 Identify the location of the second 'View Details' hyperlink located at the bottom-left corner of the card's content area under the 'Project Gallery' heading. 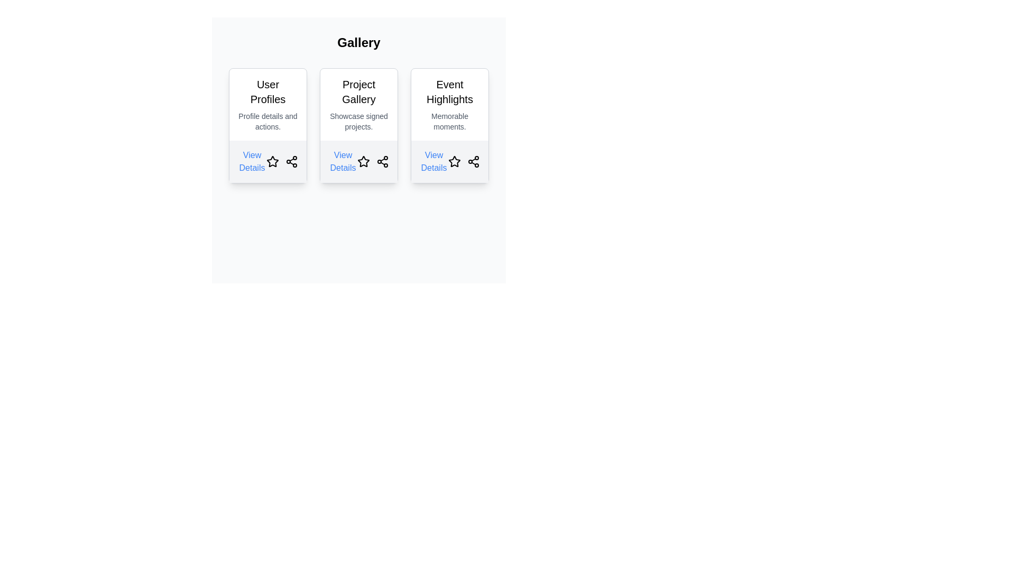
(343, 161).